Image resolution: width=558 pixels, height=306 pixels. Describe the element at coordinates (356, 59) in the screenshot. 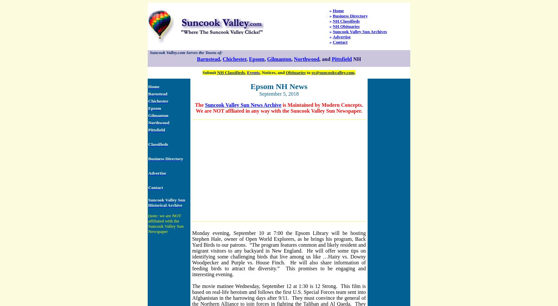

I see `'NH'` at that location.